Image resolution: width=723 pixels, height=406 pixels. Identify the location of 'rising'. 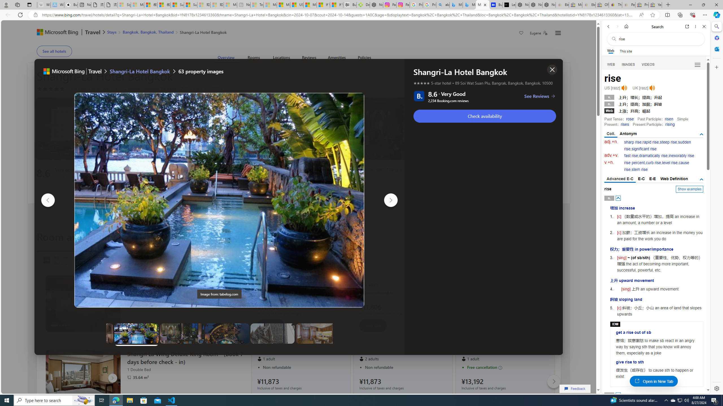
(670, 124).